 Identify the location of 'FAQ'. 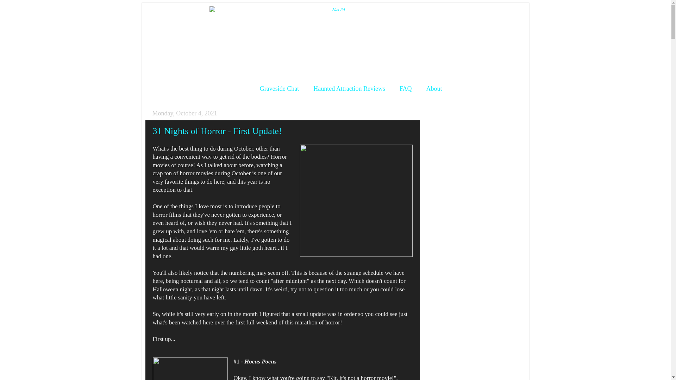
(393, 88).